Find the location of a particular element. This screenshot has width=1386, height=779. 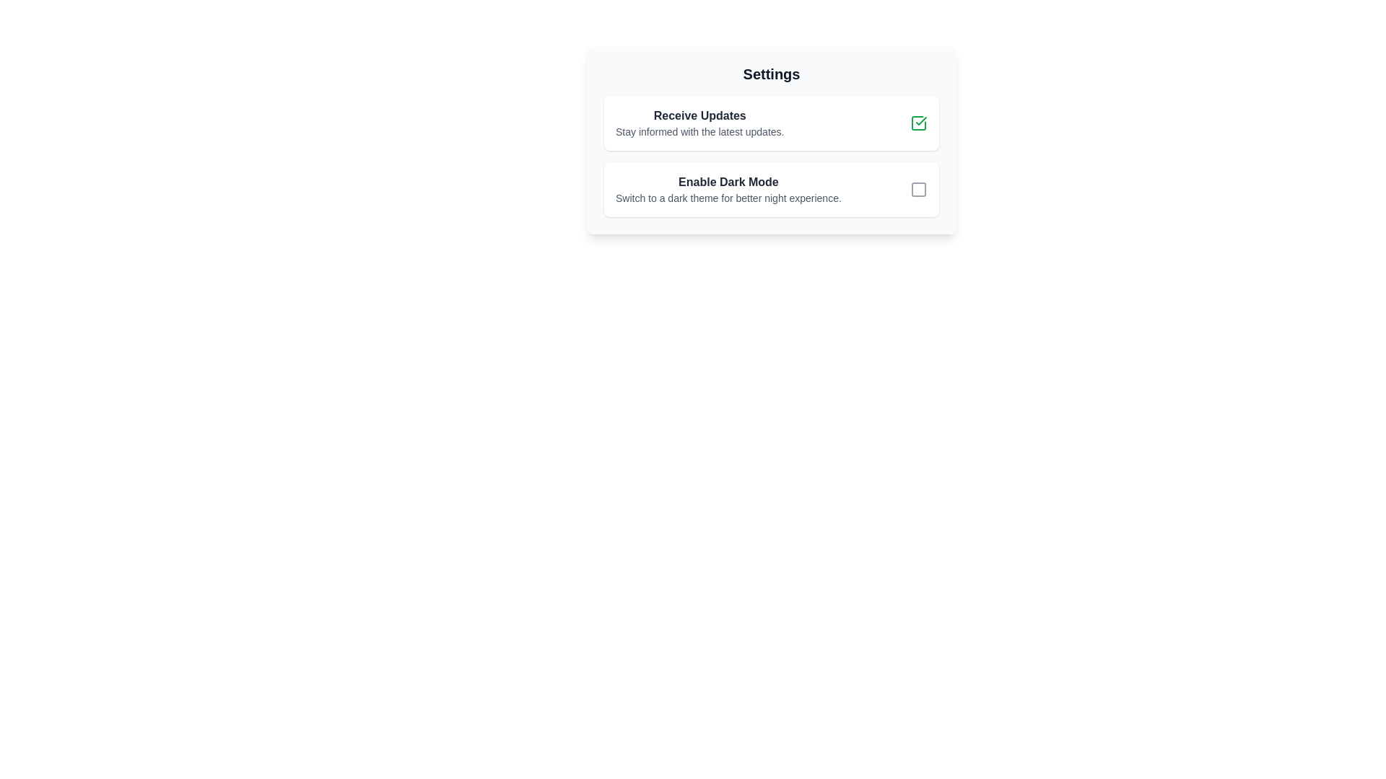

the text label that indicates the dark mode toggle option, which is positioned below the 'Receive Updates' section and serves as its title is located at coordinates (728, 182).